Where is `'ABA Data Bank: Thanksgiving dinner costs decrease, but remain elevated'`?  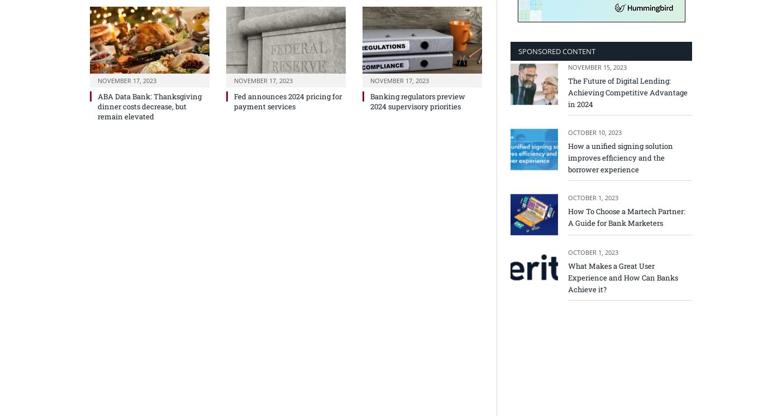
'ABA Data Bank: Thanksgiving dinner costs decrease, but remain elevated' is located at coordinates (98, 105).